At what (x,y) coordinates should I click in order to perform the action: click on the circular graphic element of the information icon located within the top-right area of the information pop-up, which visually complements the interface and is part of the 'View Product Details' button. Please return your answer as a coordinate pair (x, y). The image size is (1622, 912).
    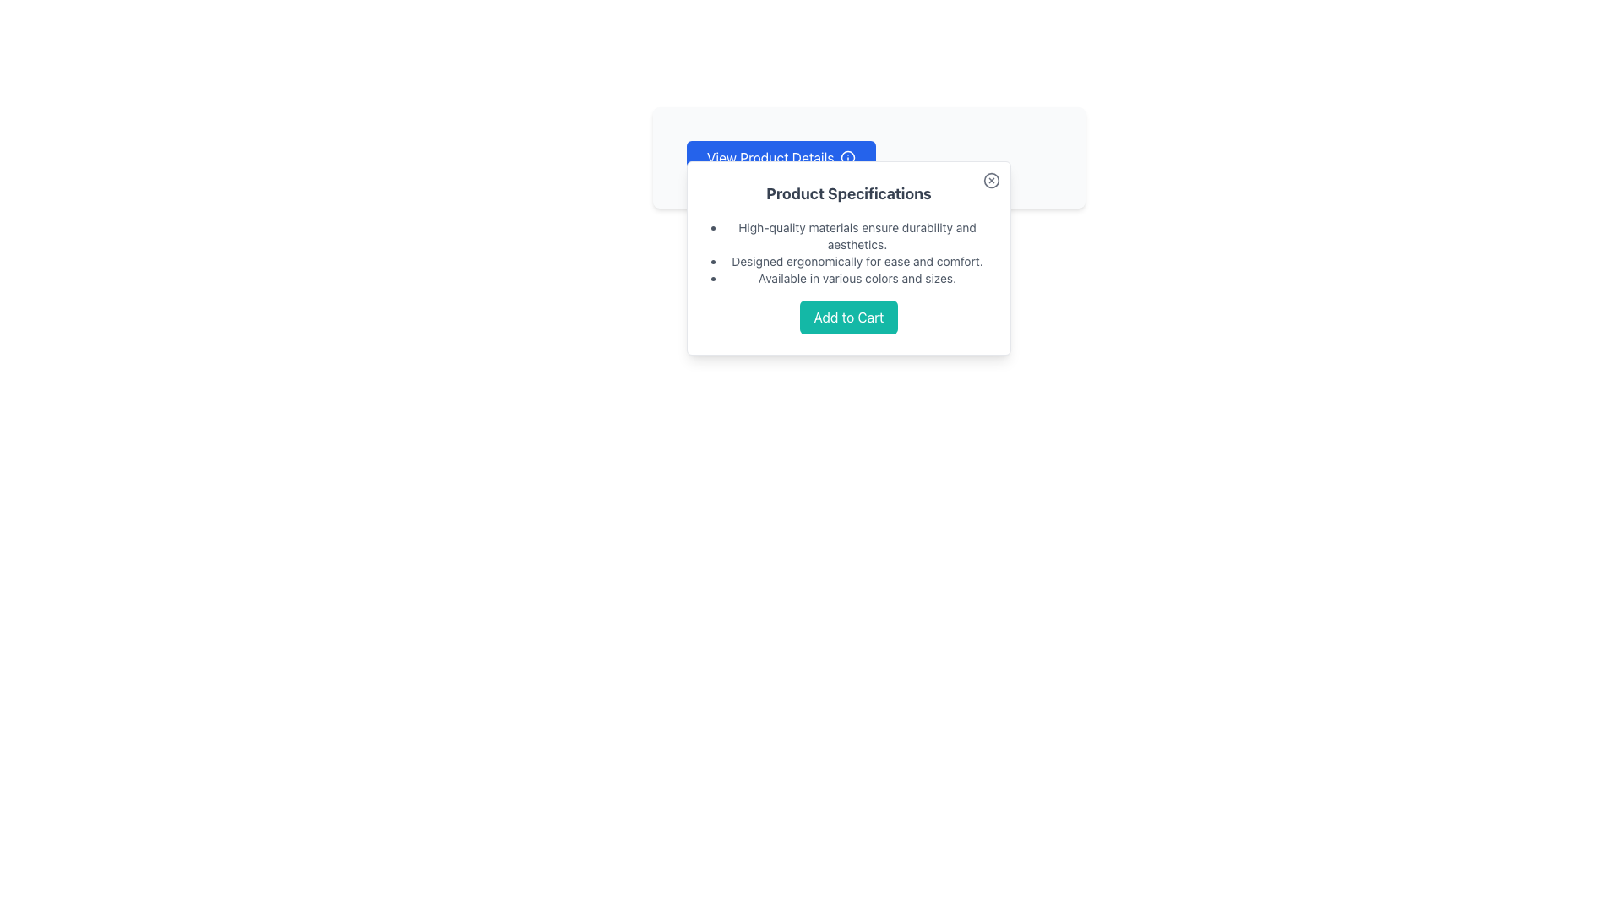
    Looking at the image, I should click on (848, 157).